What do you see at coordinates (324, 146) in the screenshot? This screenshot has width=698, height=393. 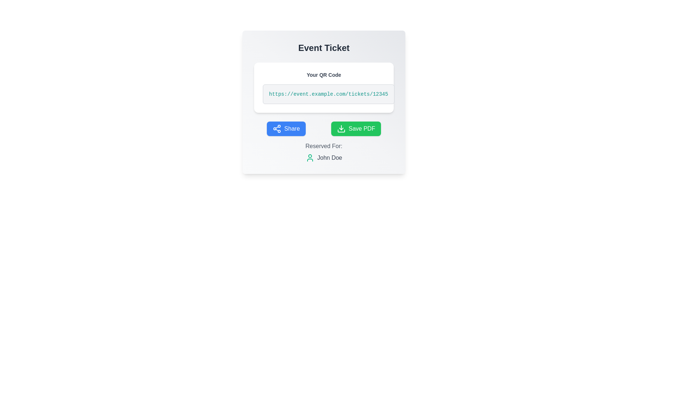 I see `text content of the text label displaying 'Reserved For:' which is styled in gray and positioned above the name 'John Doe'` at bounding box center [324, 146].